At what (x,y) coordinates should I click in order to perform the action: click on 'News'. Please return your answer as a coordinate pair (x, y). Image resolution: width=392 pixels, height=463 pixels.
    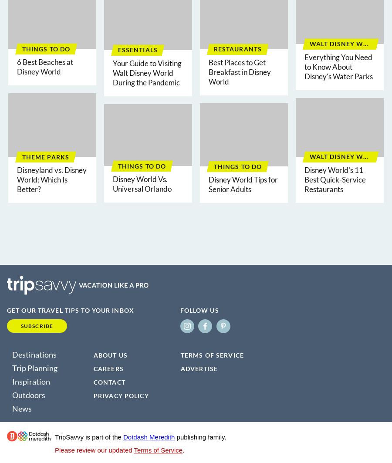
    Looking at the image, I should click on (21, 408).